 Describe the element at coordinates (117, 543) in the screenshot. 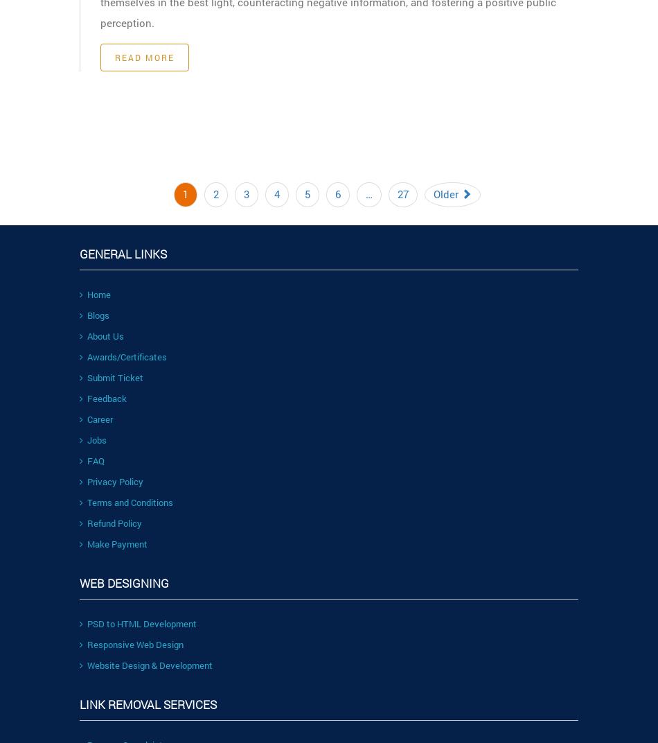

I see `'Make Payment'` at that location.